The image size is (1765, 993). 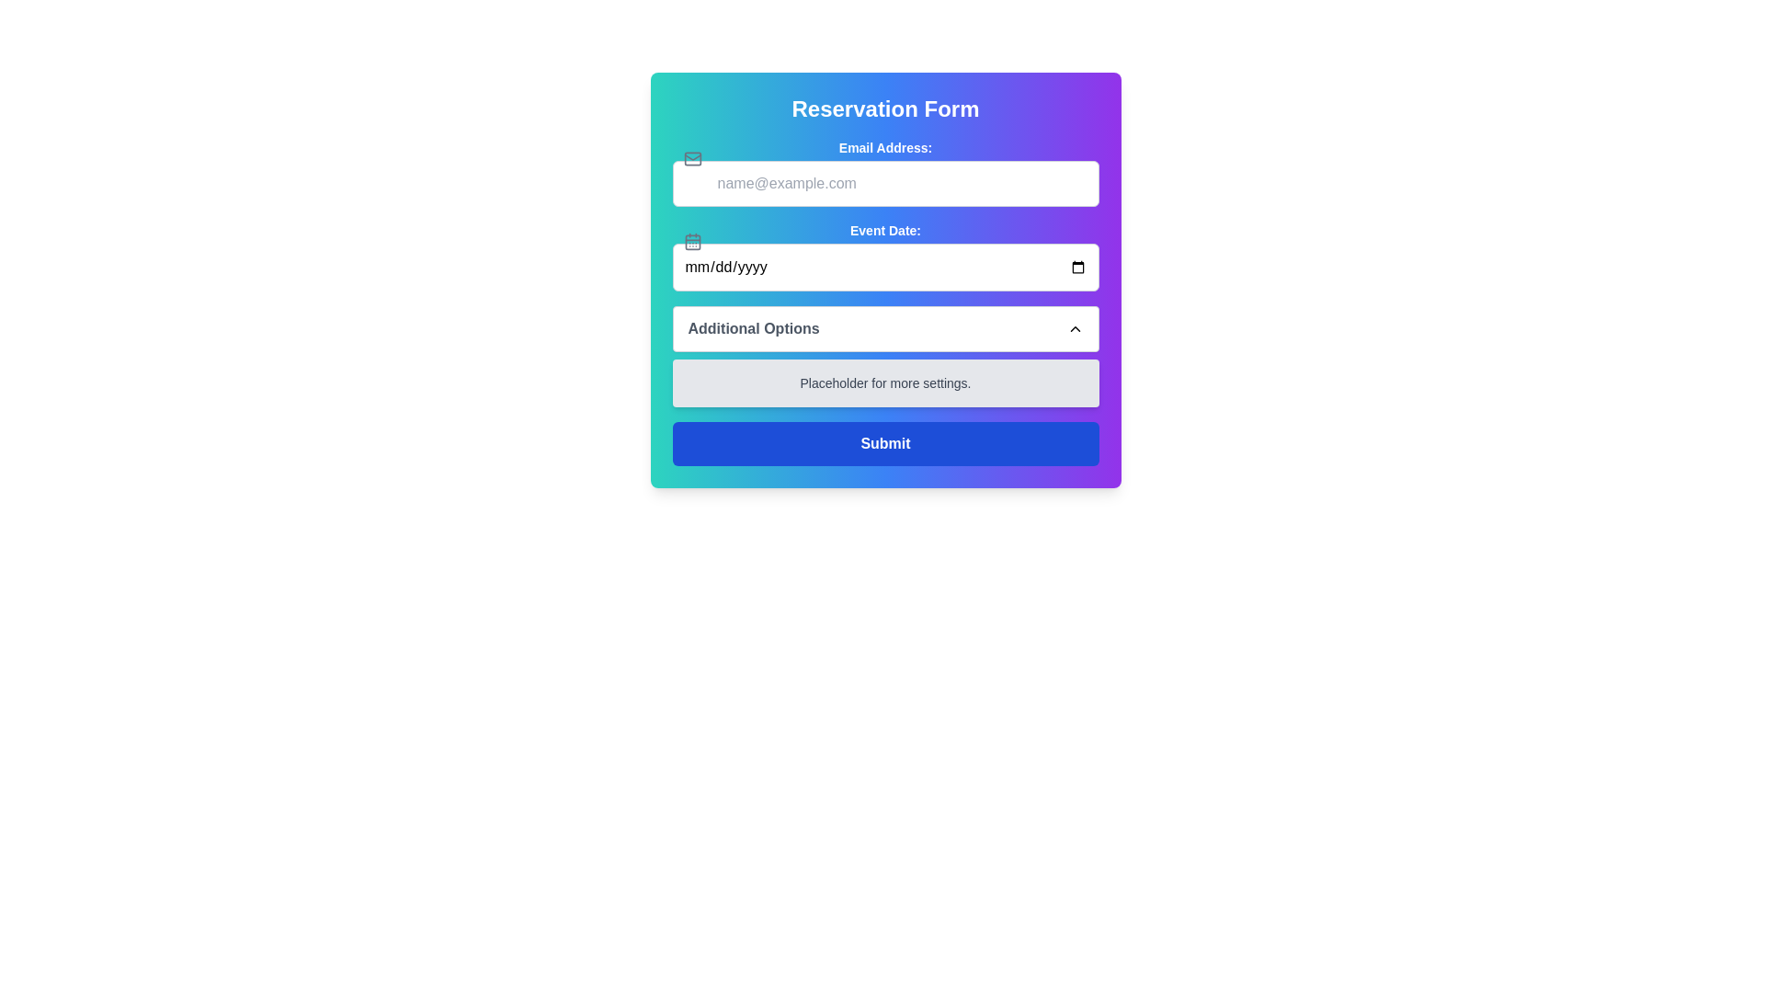 What do you see at coordinates (885, 280) in the screenshot?
I see `the Date Input Field located below the 'Email Address' input field` at bounding box center [885, 280].